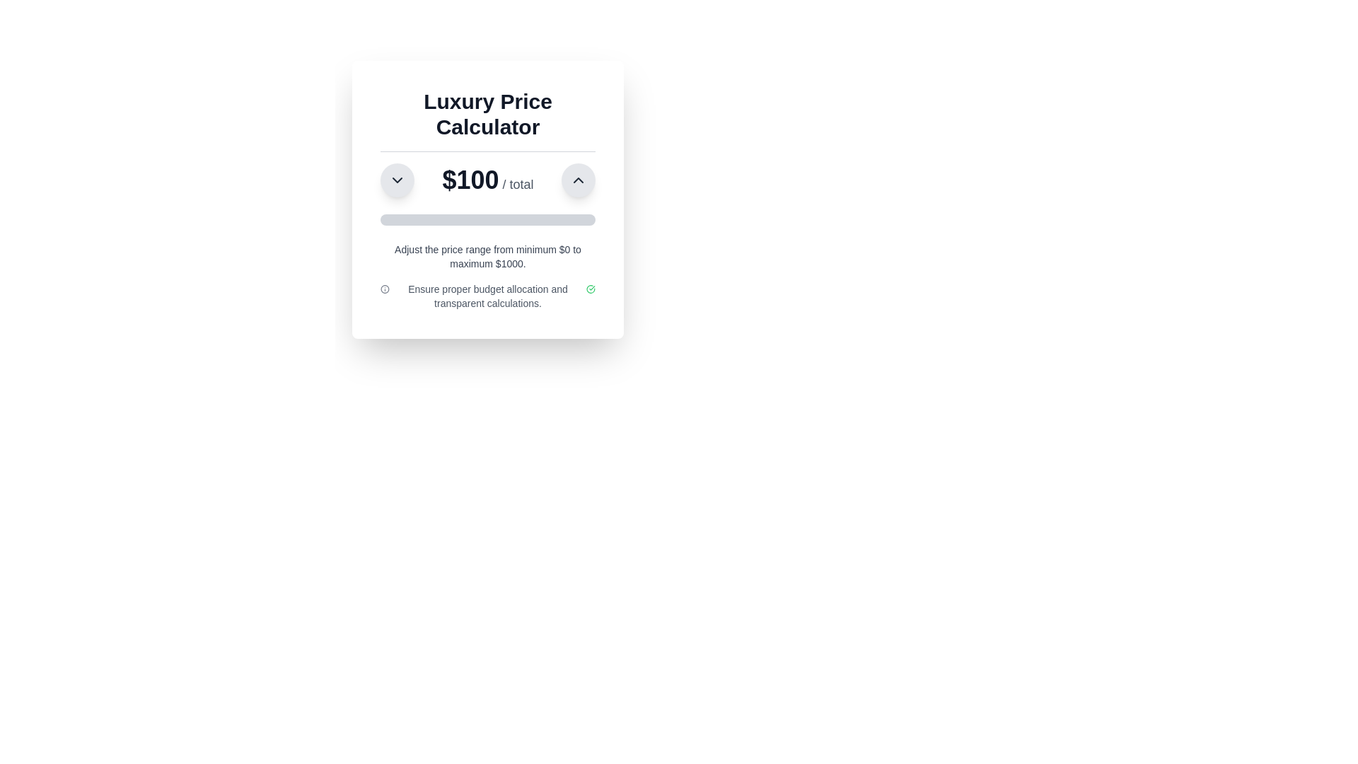  Describe the element at coordinates (488, 179) in the screenshot. I see `the prominent Text Label displaying the numeral '$100' followed by '/ total', which is positioned between two circular buttons` at that location.